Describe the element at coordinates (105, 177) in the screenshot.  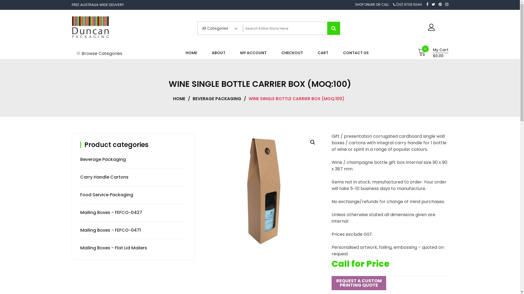
I see `'Carry Handle Cartons'` at that location.